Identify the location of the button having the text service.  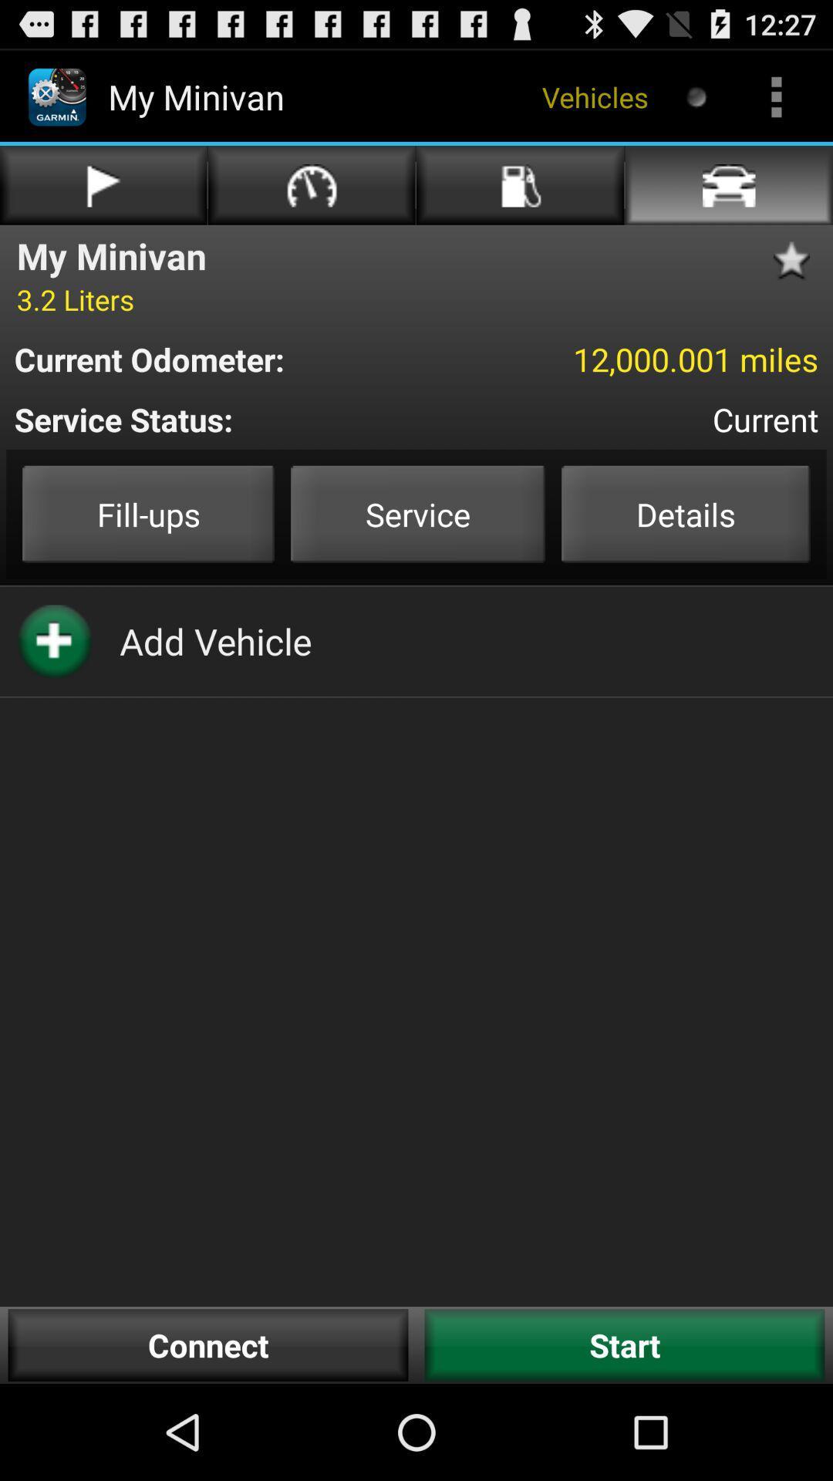
(418, 514).